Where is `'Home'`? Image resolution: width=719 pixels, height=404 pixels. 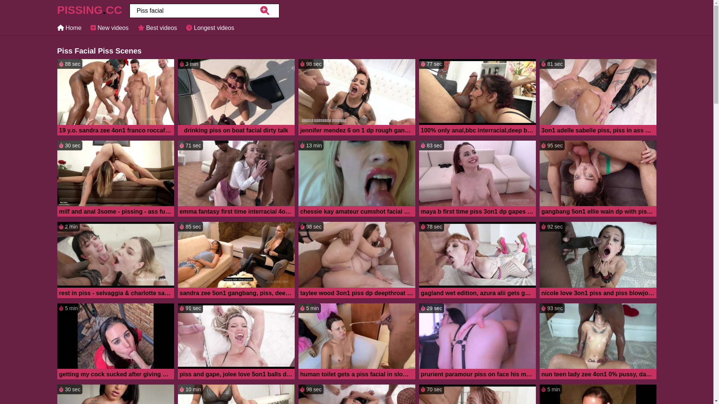
'Home' is located at coordinates (69, 27).